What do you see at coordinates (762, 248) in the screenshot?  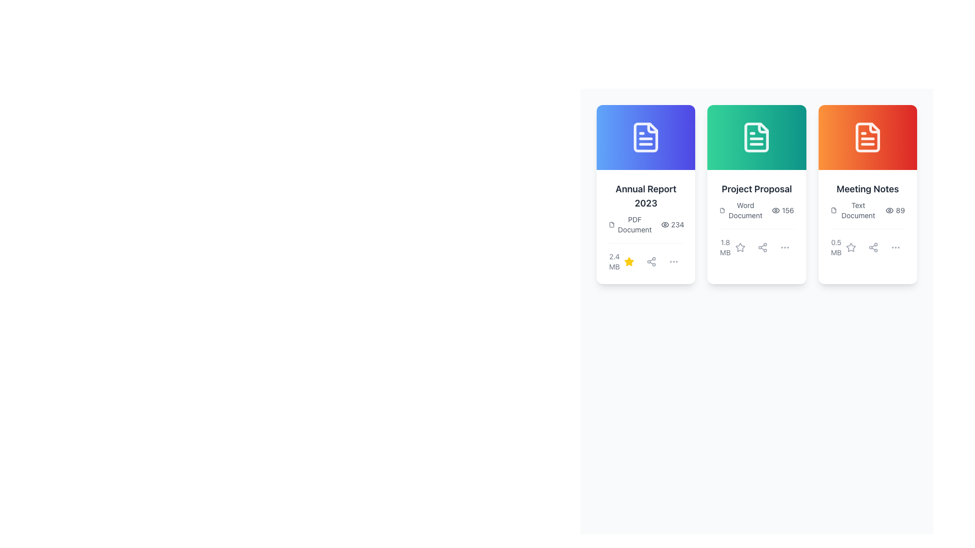 I see `the second button from the left in the row of three buttons near the bottom of the 'Project Proposal' card to share the content` at bounding box center [762, 248].